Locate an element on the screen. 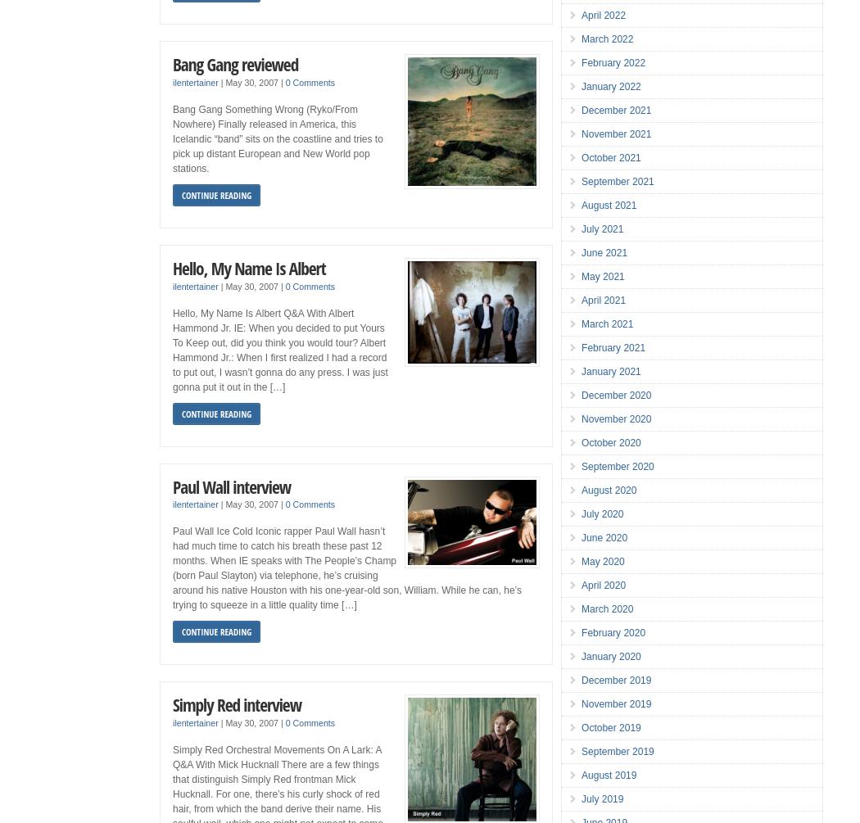 The height and width of the screenshot is (823, 860). 'January 2022' is located at coordinates (610, 87).